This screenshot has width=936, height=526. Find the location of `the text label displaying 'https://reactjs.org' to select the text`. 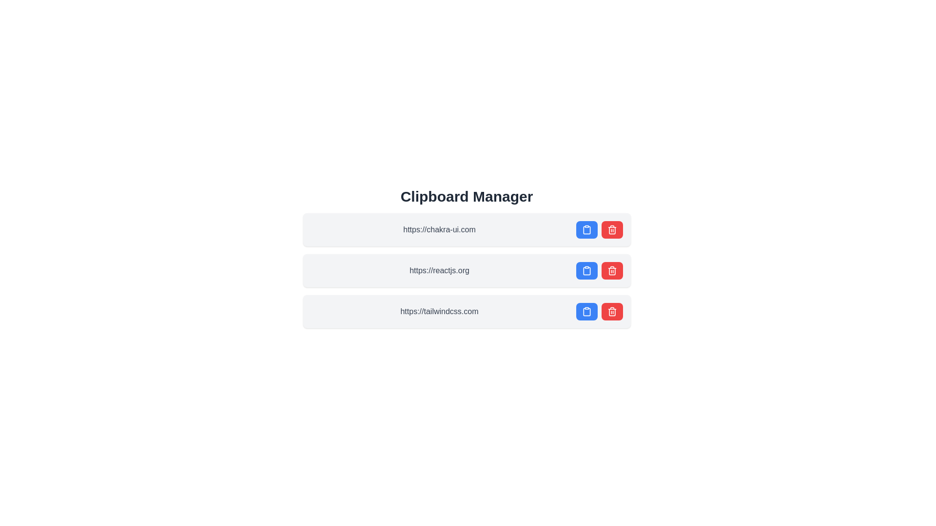

the text label displaying 'https://reactjs.org' to select the text is located at coordinates (439, 270).